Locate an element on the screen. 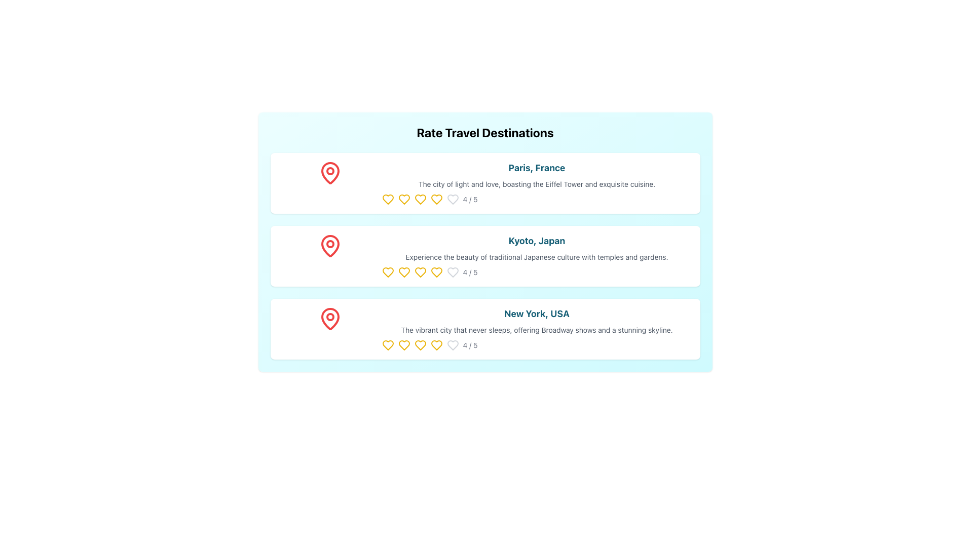 The width and height of the screenshot is (973, 547). the heart-shaped rating icon with a golden yellow outline for the 'New York, USA' destination card is located at coordinates (387, 345).